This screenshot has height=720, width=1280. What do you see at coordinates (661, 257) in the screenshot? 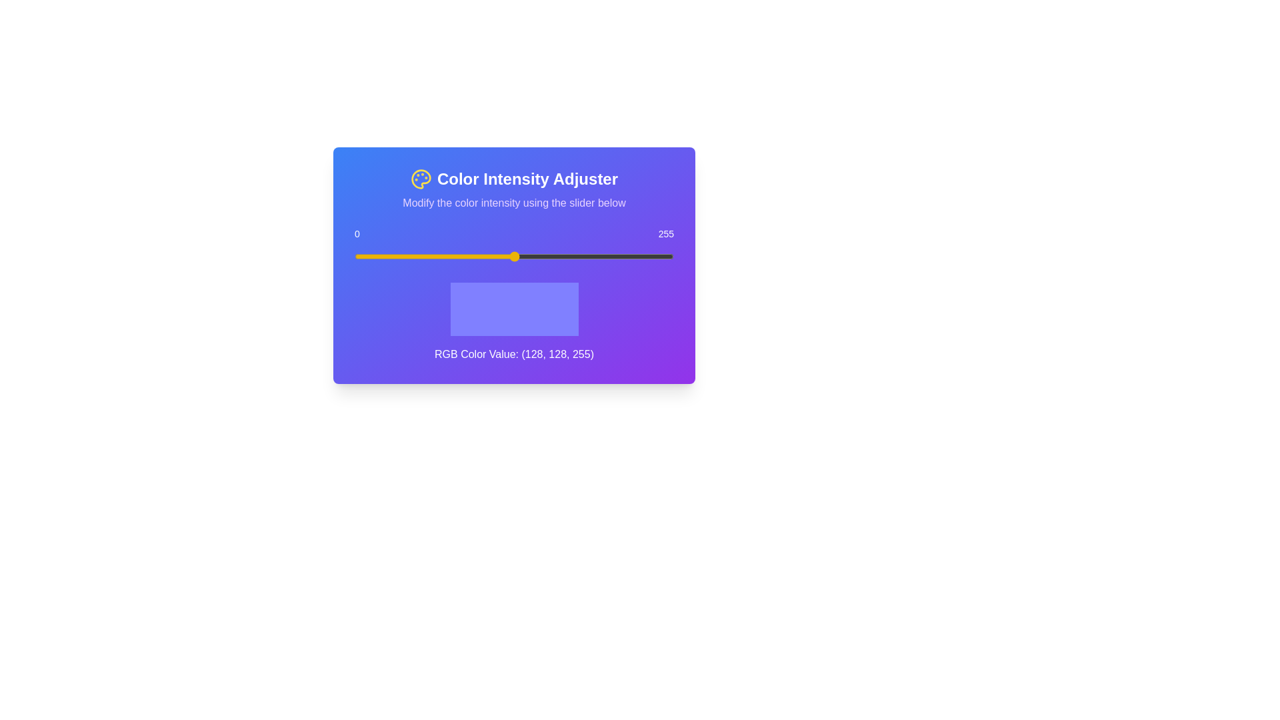
I see `the slider to set the color intensity to 245` at bounding box center [661, 257].